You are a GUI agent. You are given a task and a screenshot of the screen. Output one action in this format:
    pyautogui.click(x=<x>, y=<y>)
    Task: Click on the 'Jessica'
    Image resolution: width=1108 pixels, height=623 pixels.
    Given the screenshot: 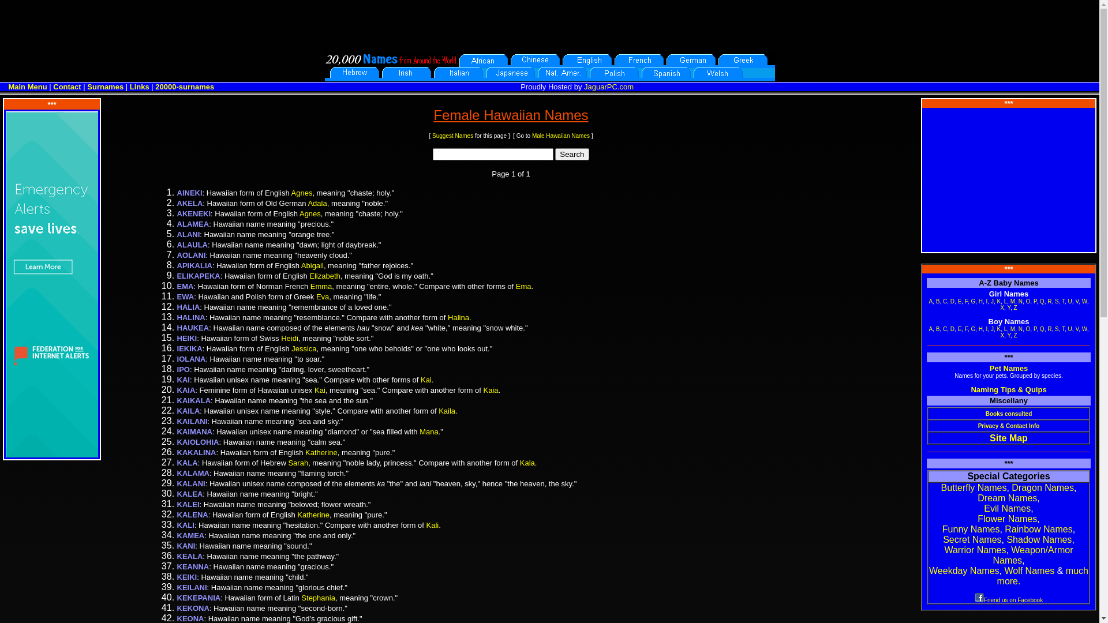 What is the action you would take?
    pyautogui.click(x=304, y=348)
    